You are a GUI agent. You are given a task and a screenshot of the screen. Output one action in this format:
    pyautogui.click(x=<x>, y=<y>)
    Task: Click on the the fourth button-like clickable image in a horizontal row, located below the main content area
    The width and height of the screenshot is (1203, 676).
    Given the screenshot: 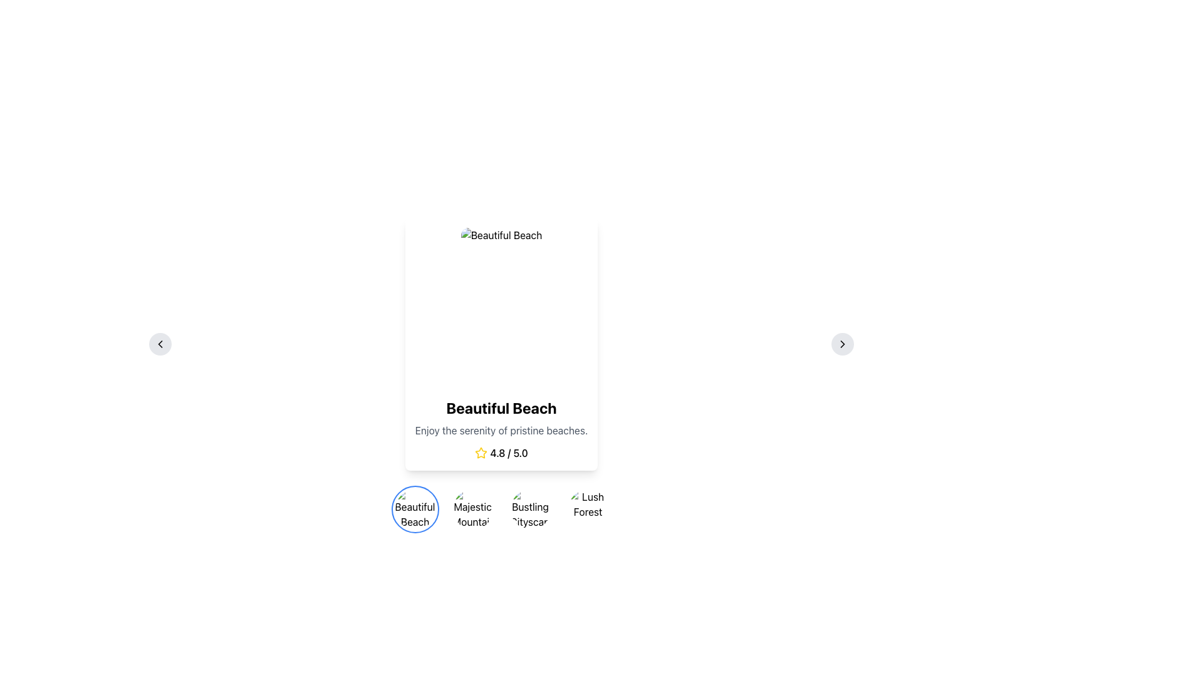 What is the action you would take?
    pyautogui.click(x=587, y=509)
    